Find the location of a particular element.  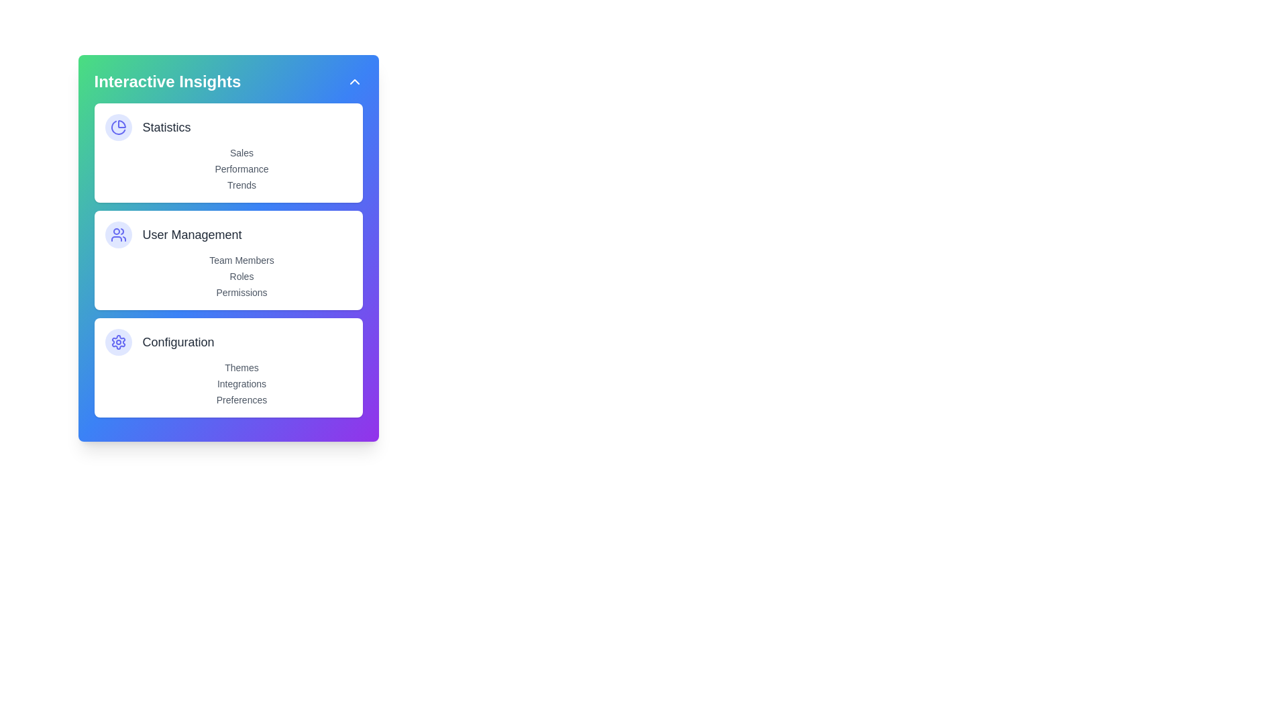

the icon of the section Configuration is located at coordinates (118, 341).